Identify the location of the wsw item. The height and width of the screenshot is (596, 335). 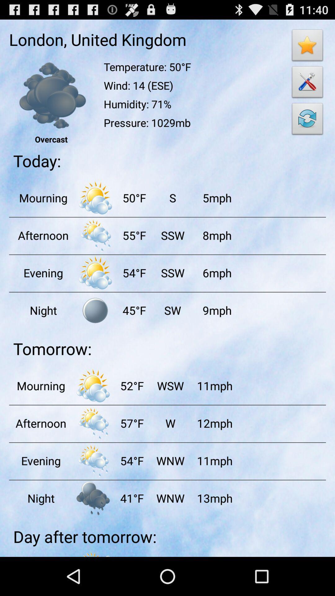
(170, 385).